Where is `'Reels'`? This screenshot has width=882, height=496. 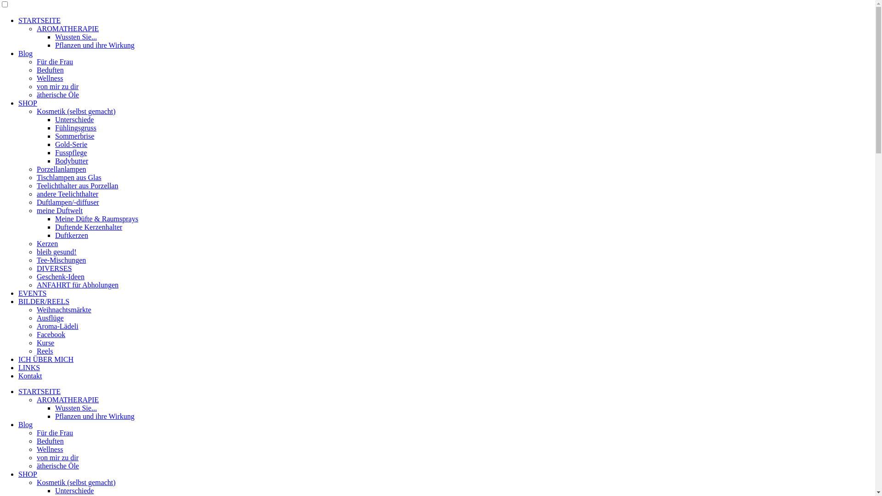
'Reels' is located at coordinates (44, 351).